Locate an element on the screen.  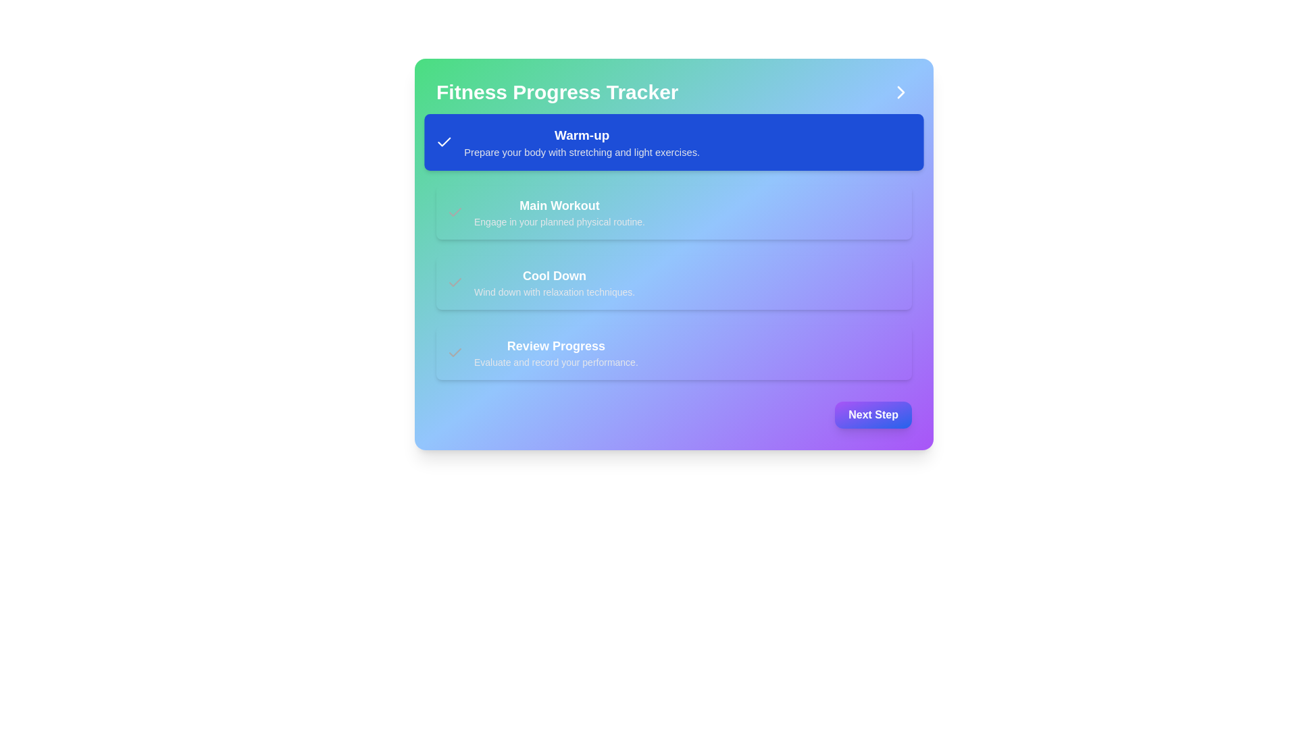
the labeled card element titled 'Main Workout' in the 'Fitness Progress Tracker' section is located at coordinates (674, 213).